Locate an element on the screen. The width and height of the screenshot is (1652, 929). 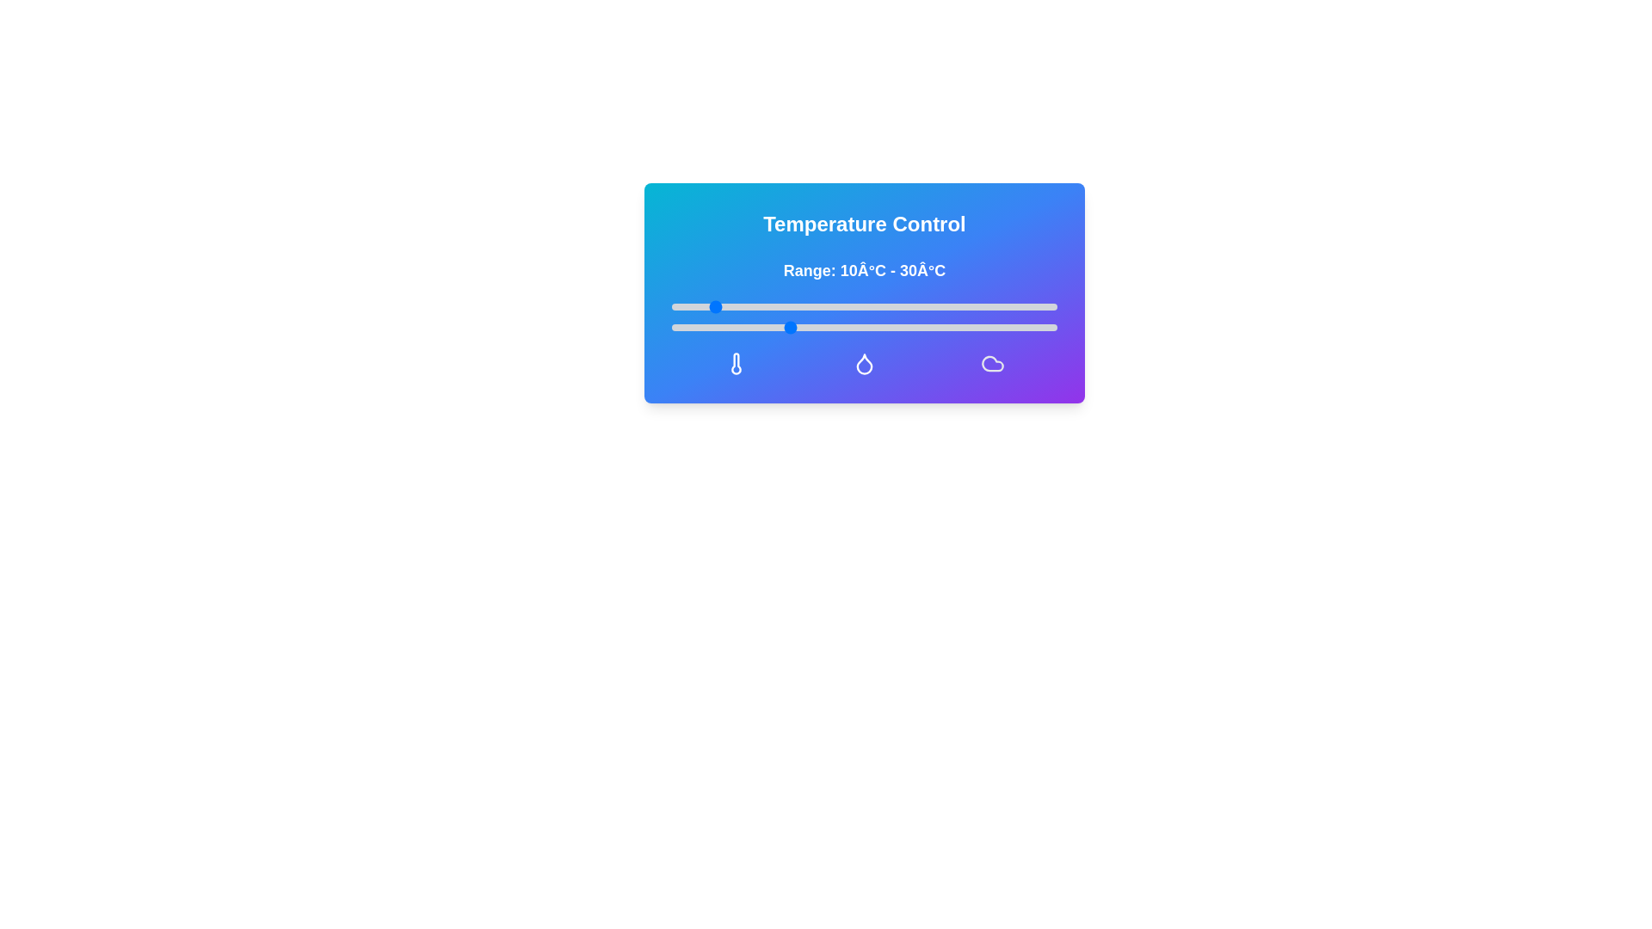
the slider is located at coordinates (952, 328).